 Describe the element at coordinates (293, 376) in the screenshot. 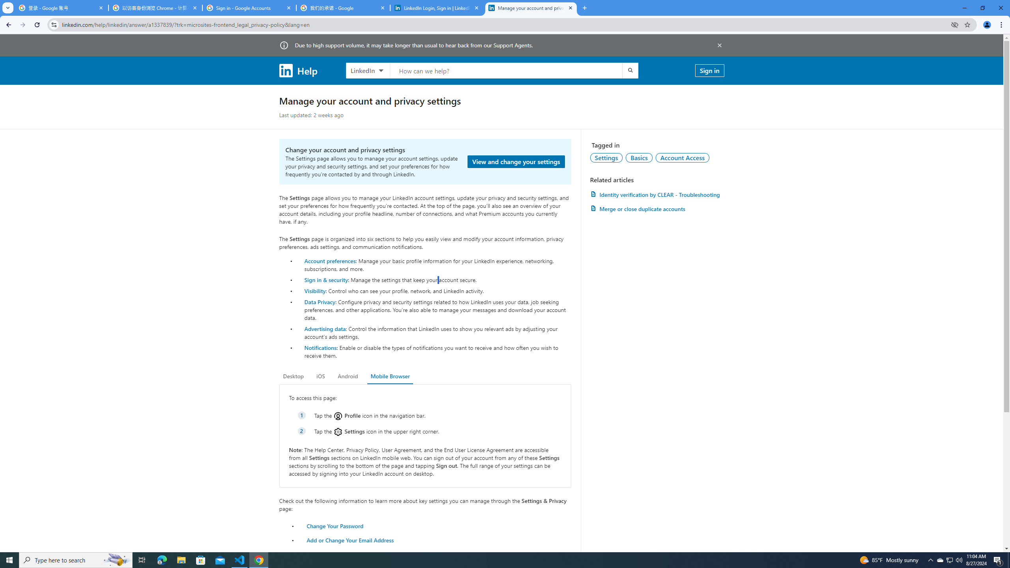

I see `'Desktop'` at that location.